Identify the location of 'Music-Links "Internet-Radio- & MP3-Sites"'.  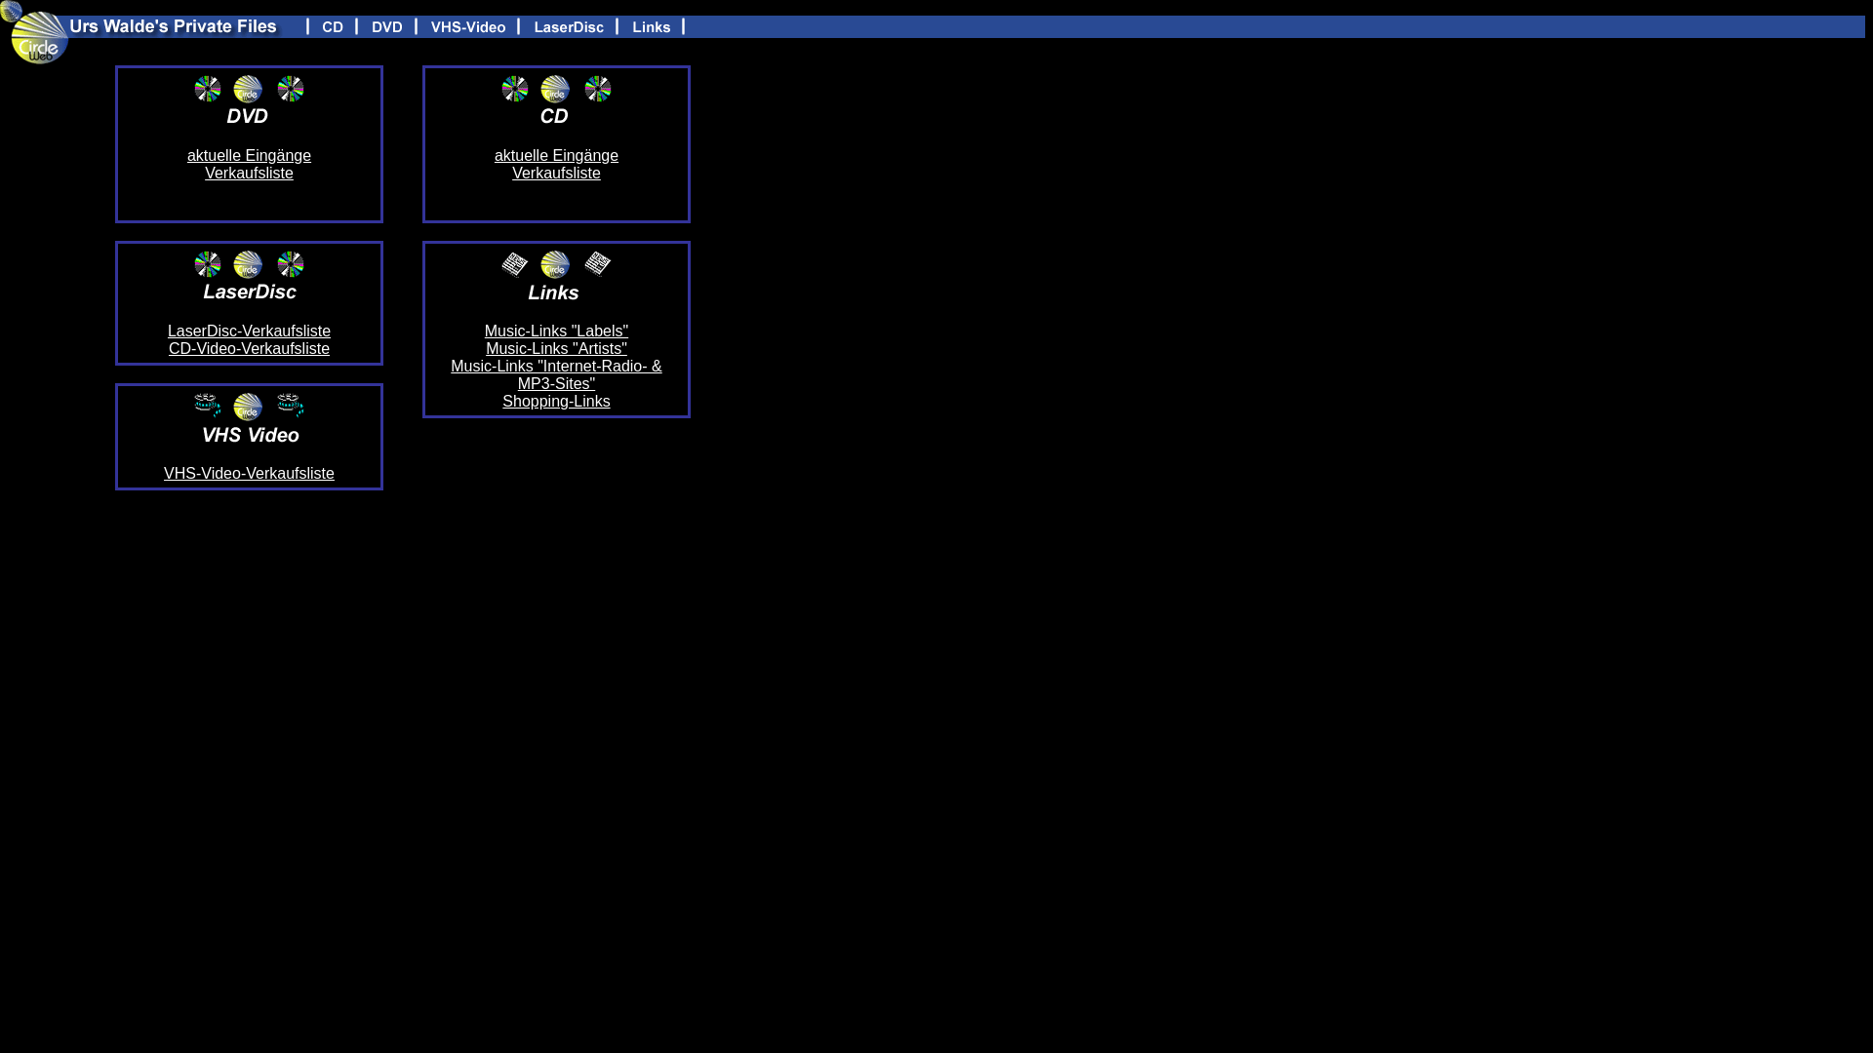
(555, 374).